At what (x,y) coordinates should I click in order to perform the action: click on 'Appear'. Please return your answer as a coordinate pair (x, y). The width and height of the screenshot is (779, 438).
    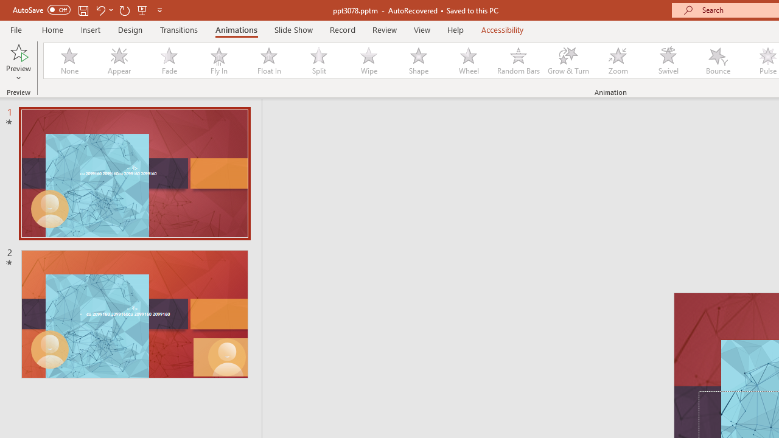
    Looking at the image, I should click on (119, 61).